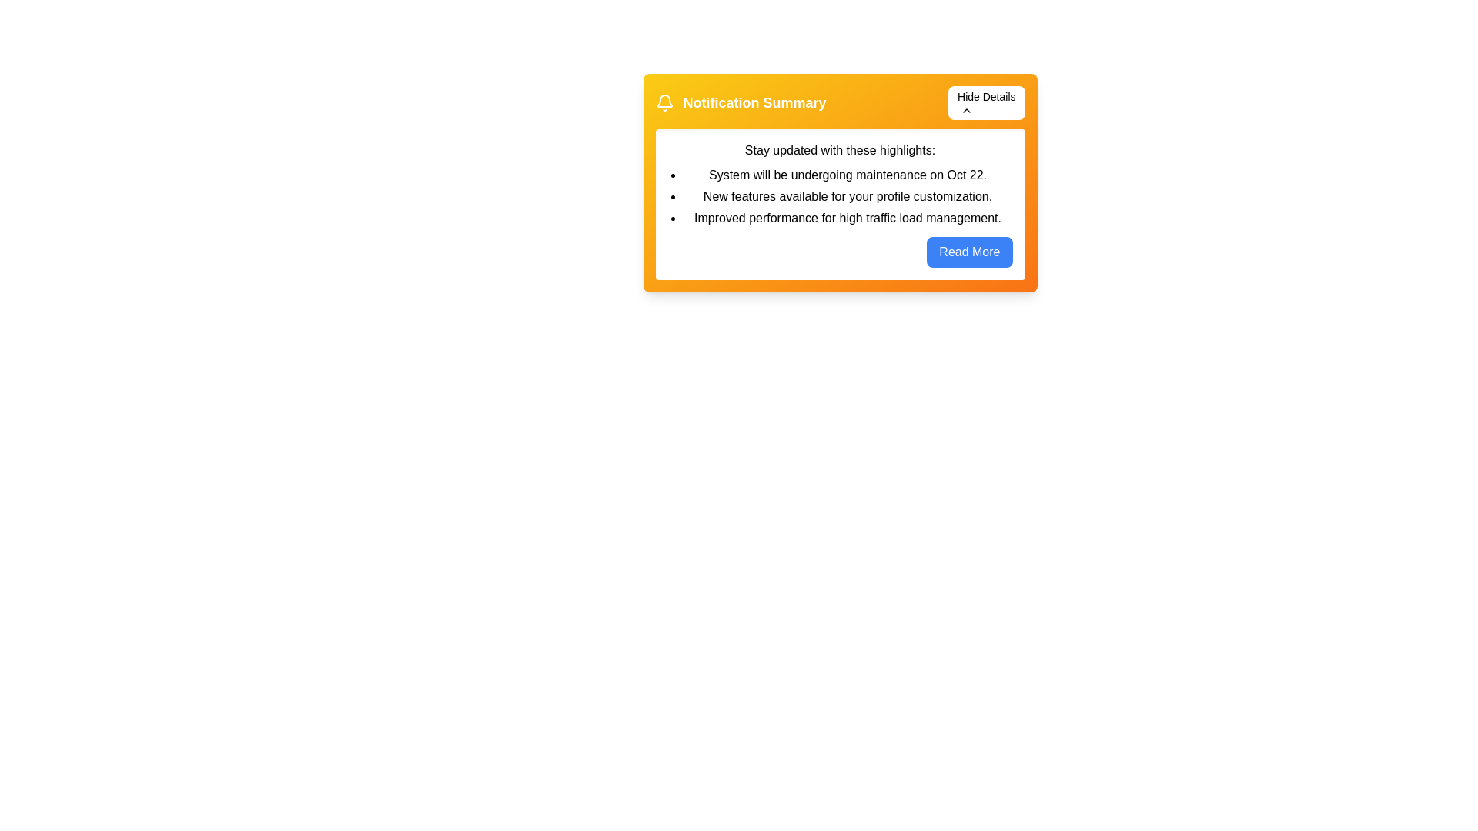 The height and width of the screenshot is (831, 1478). I want to click on the notification bell icon to interact with it, so click(664, 103).